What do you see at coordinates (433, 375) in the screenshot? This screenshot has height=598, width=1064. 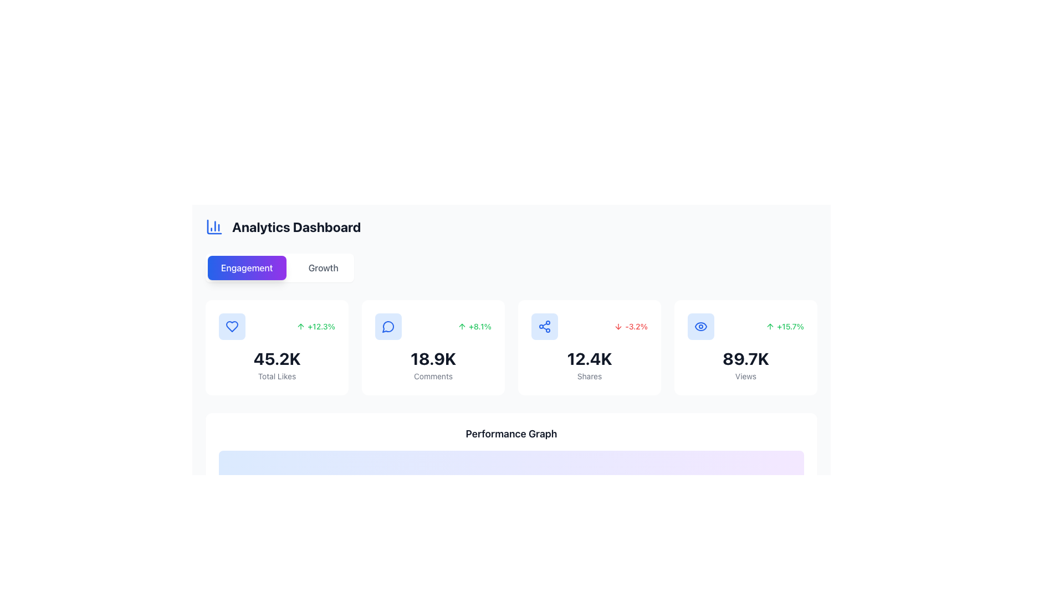 I see `the 'Comments' text label which indicates the numerical data display for the '18.9K' metric, located in the second tile from the left in a 4-column grid` at bounding box center [433, 375].